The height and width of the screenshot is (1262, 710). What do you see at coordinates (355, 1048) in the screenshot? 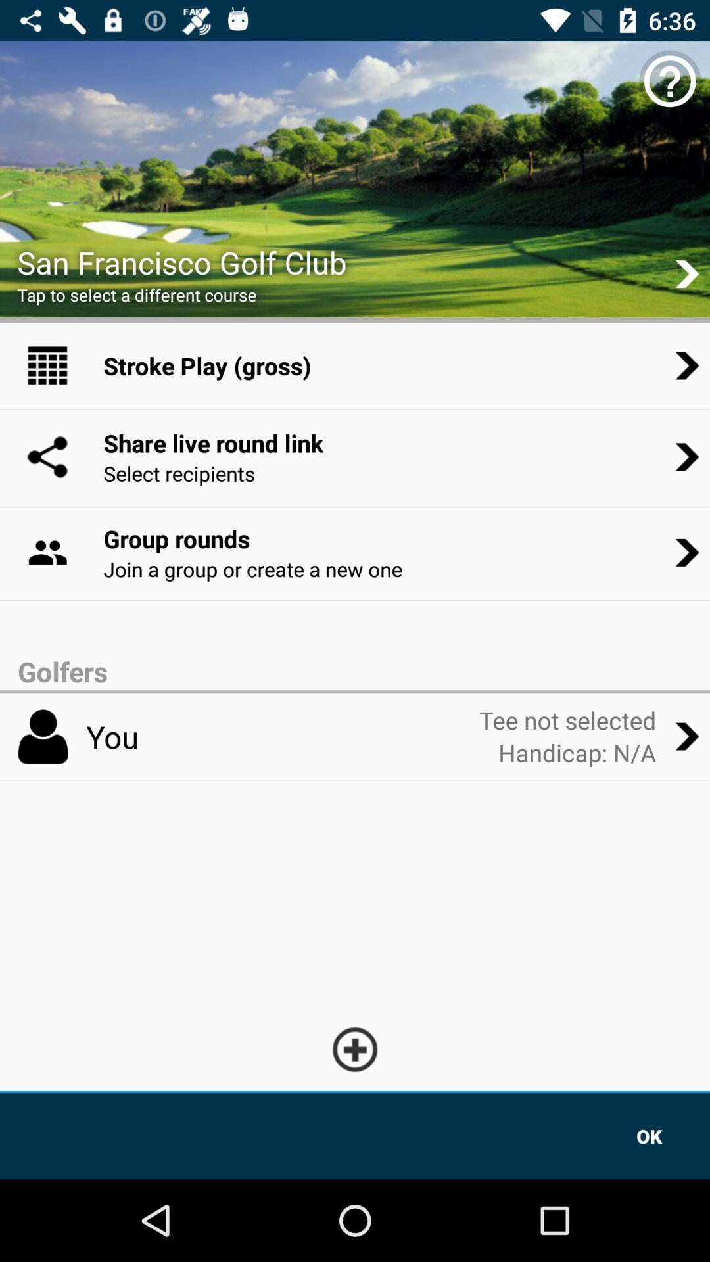
I see `a golfer` at bounding box center [355, 1048].